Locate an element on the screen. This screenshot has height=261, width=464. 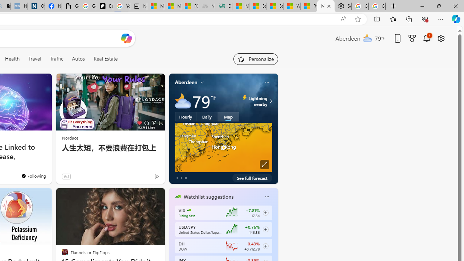
'Daily' is located at coordinates (207, 116).